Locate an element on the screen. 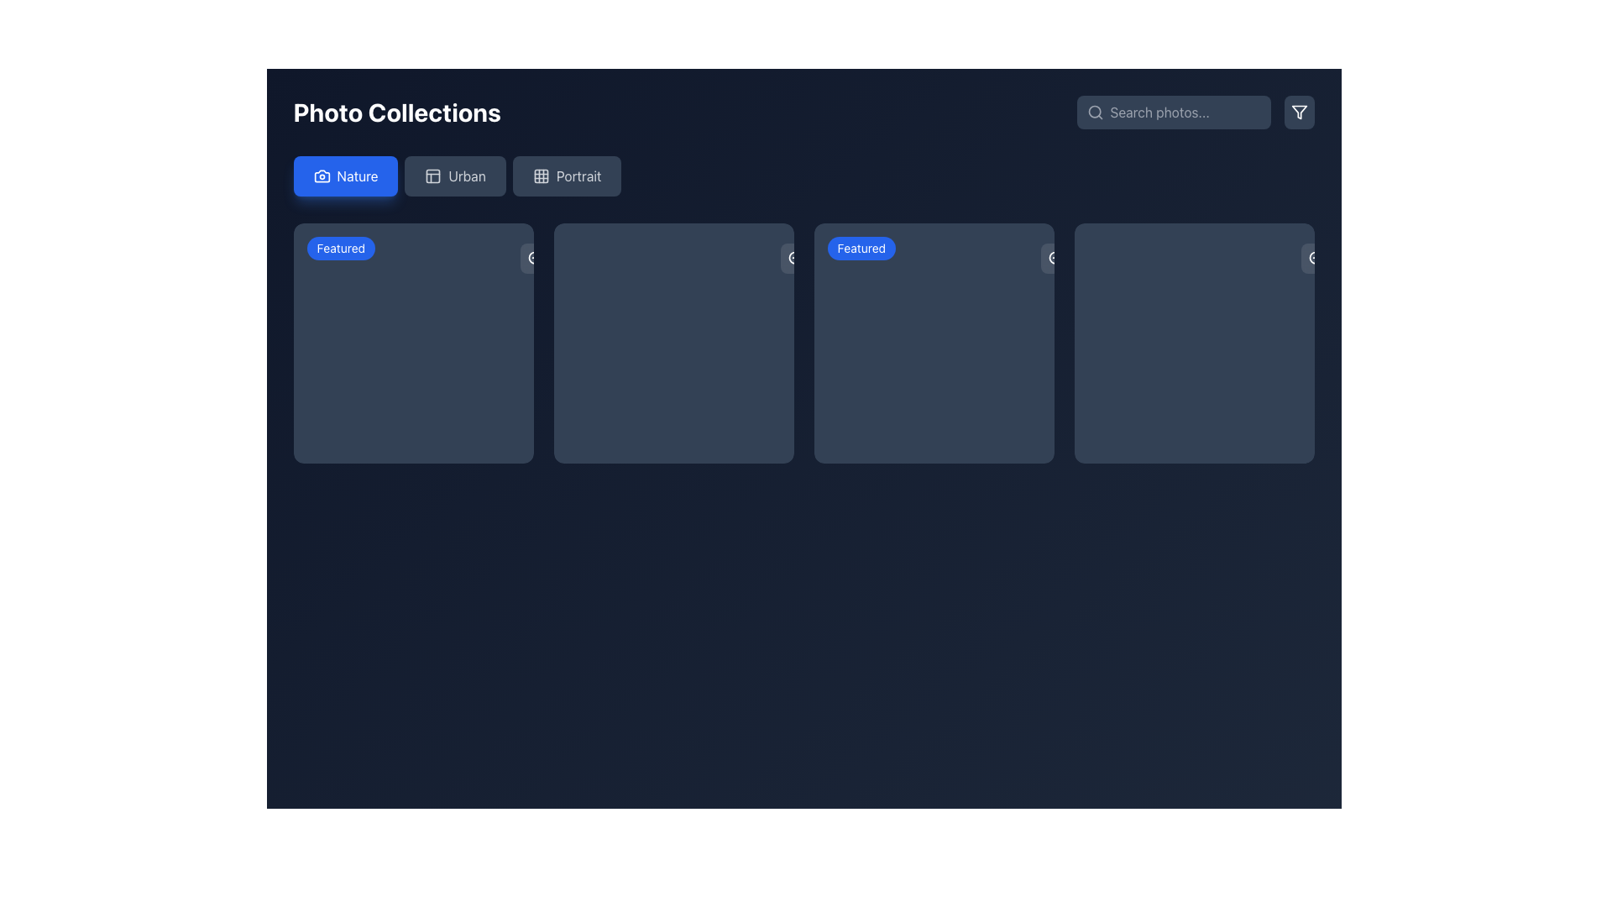  the zoom-in button located in the right section of the second card to enlarge or focus on the content is located at coordinates (1055, 259).